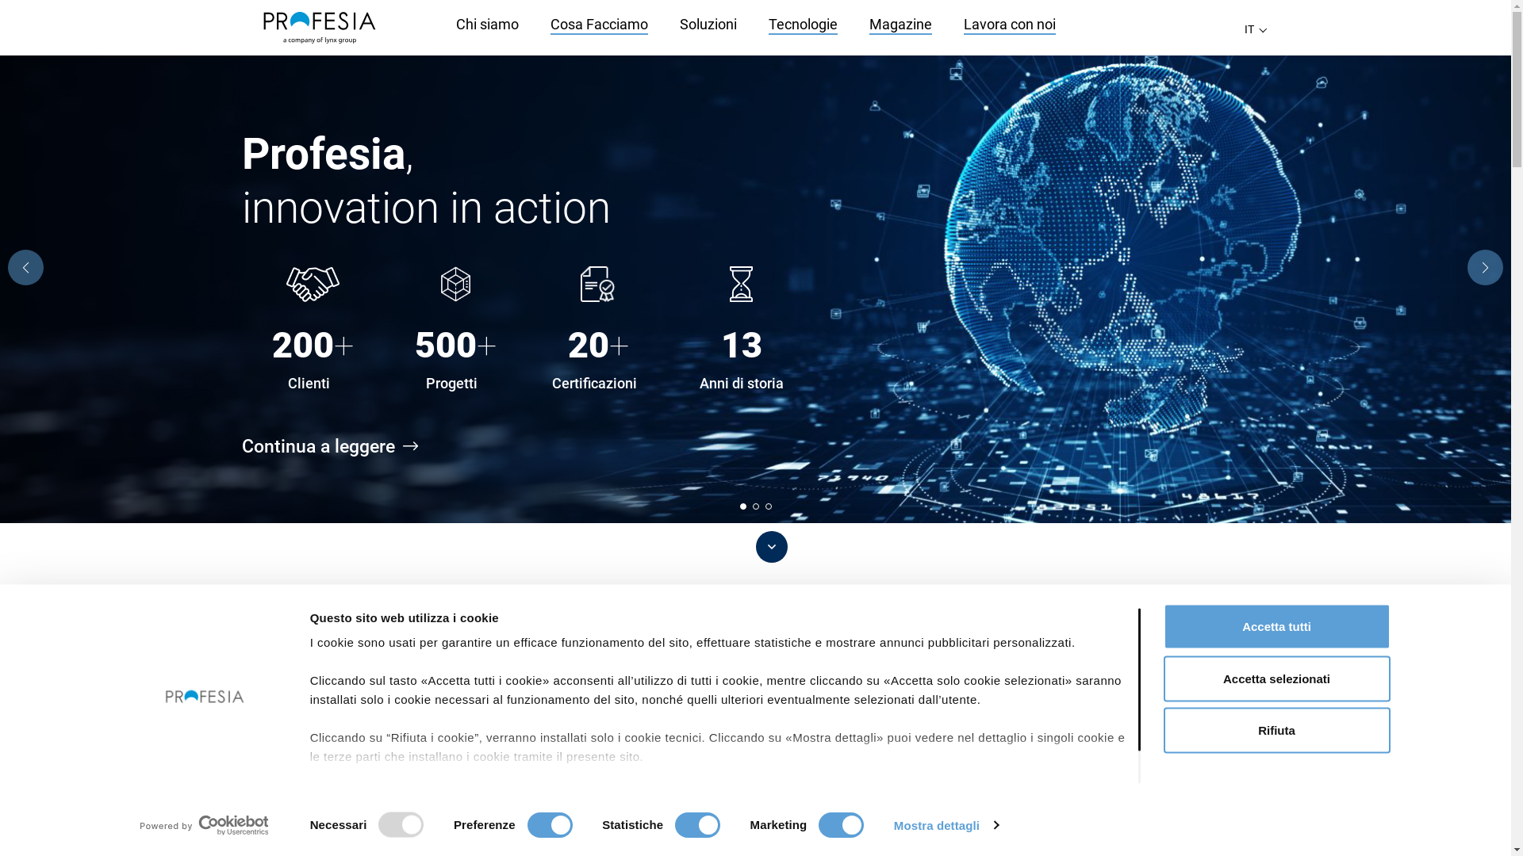  Describe the element at coordinates (1008, 25) in the screenshot. I see `'Lavora con noi'` at that location.